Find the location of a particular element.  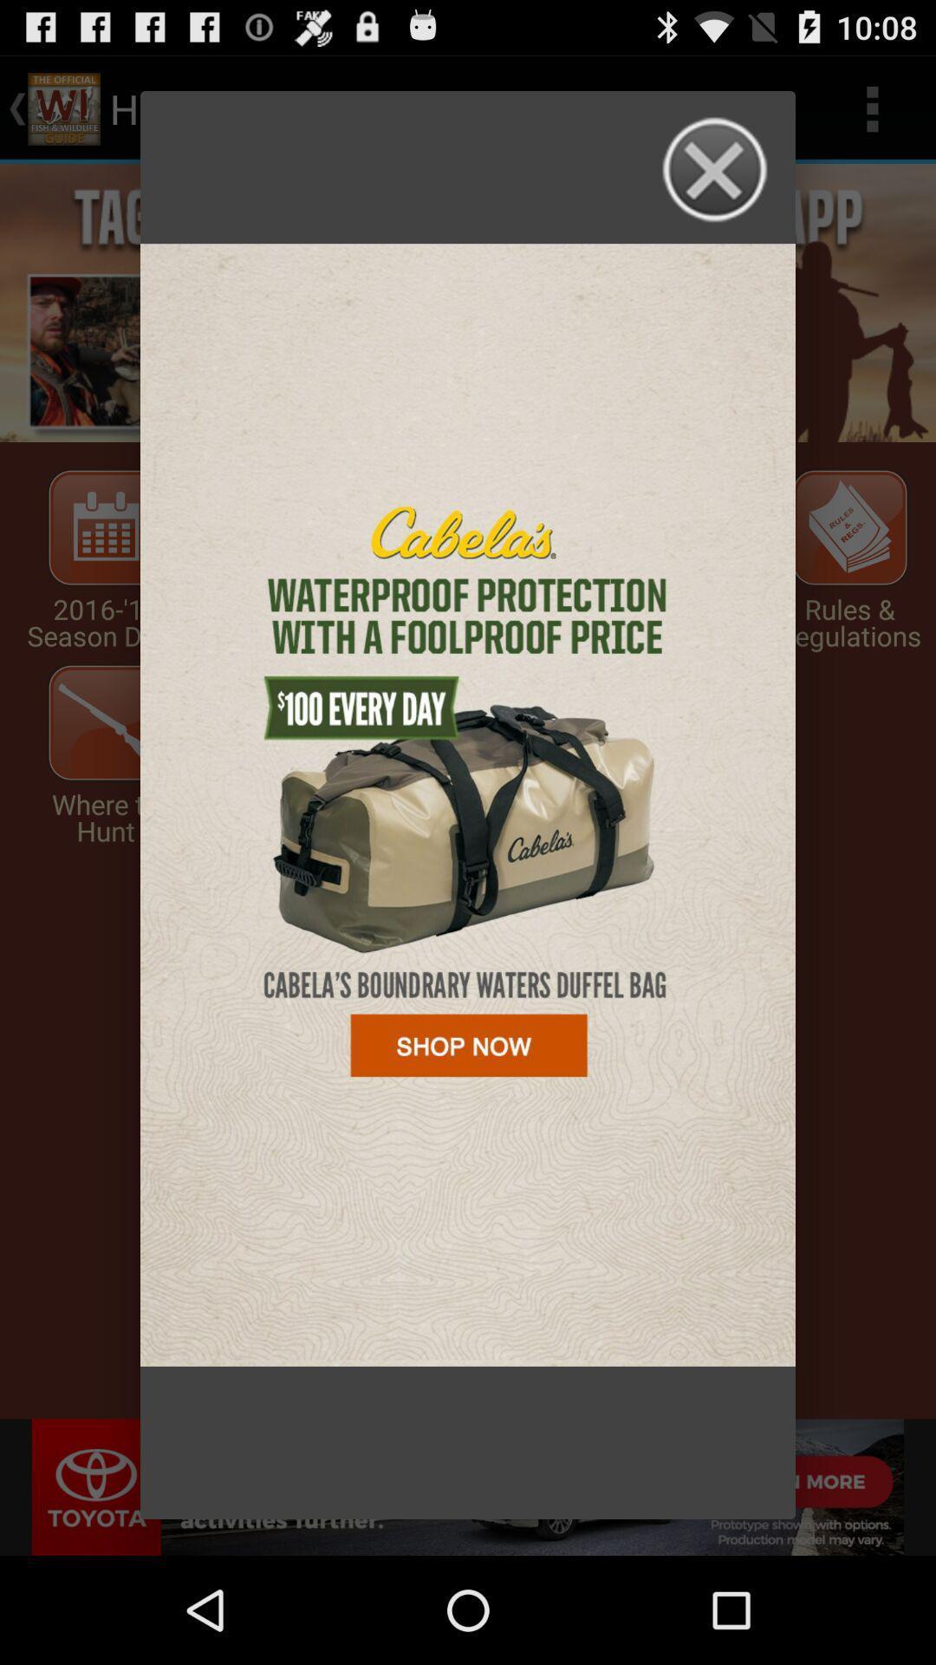

x is located at coordinates (716, 170).